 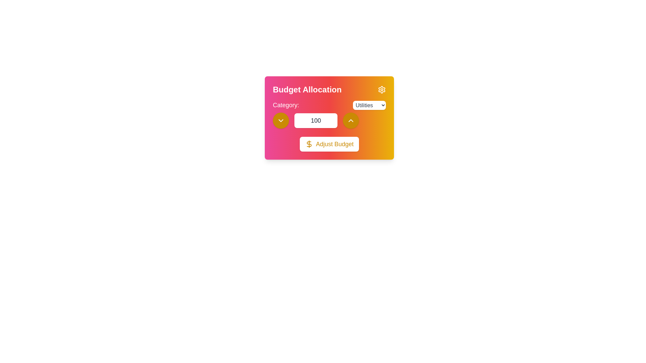 I want to click on the upward-pointing arrow icon within the rounded yellow button located in the bottom right section of the 'Budget Allocation' card to increment the numeric value, so click(x=350, y=120).